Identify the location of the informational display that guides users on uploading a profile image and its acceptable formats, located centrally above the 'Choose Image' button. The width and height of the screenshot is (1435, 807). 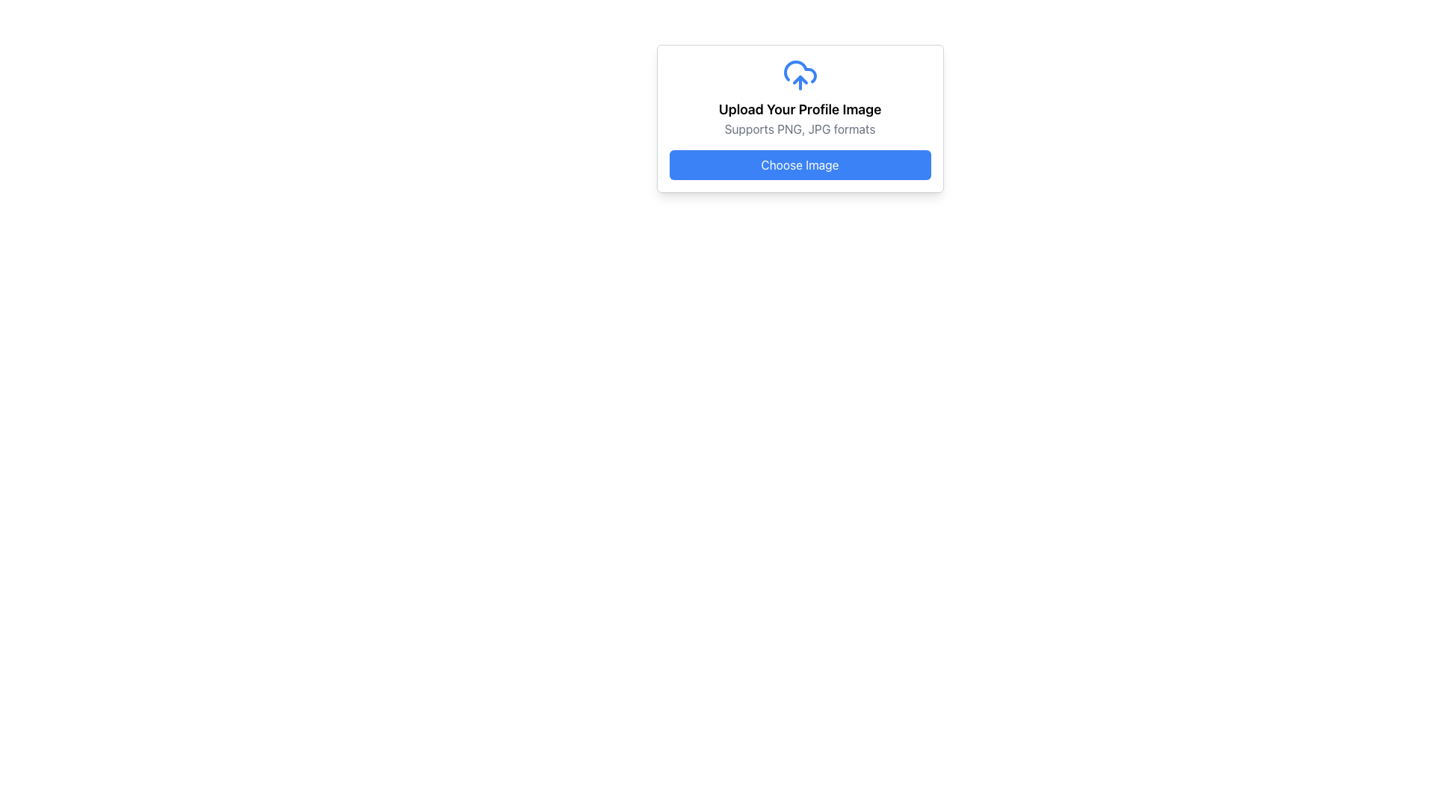
(799, 98).